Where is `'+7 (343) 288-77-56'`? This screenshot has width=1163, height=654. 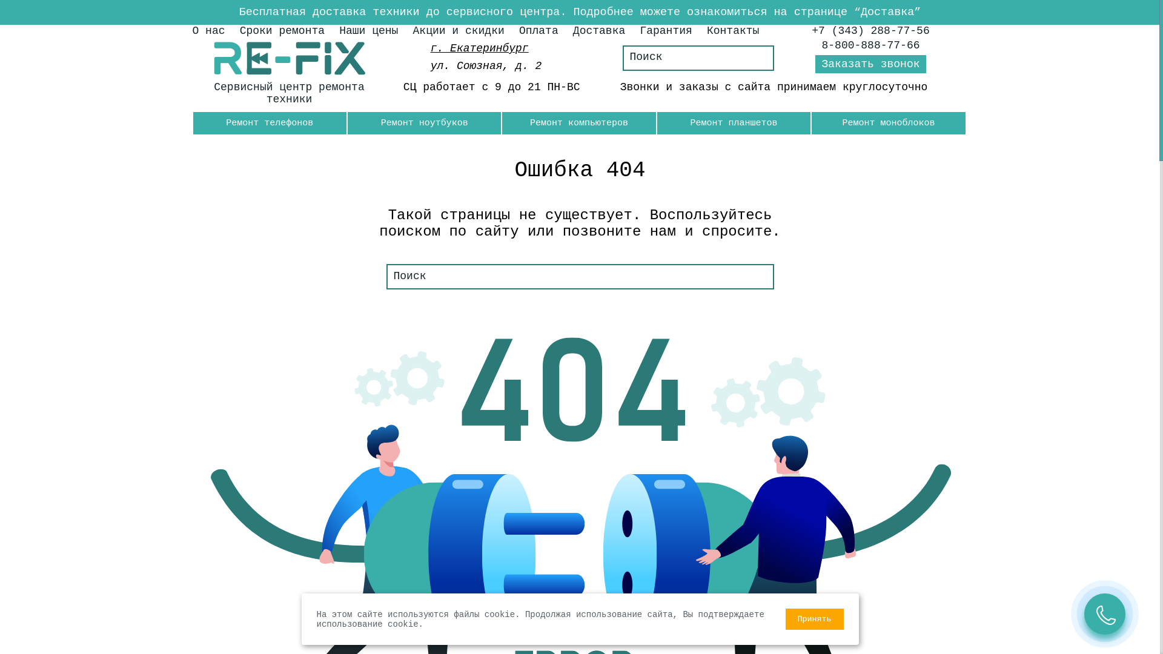 '+7 (343) 288-77-56' is located at coordinates (869, 30).